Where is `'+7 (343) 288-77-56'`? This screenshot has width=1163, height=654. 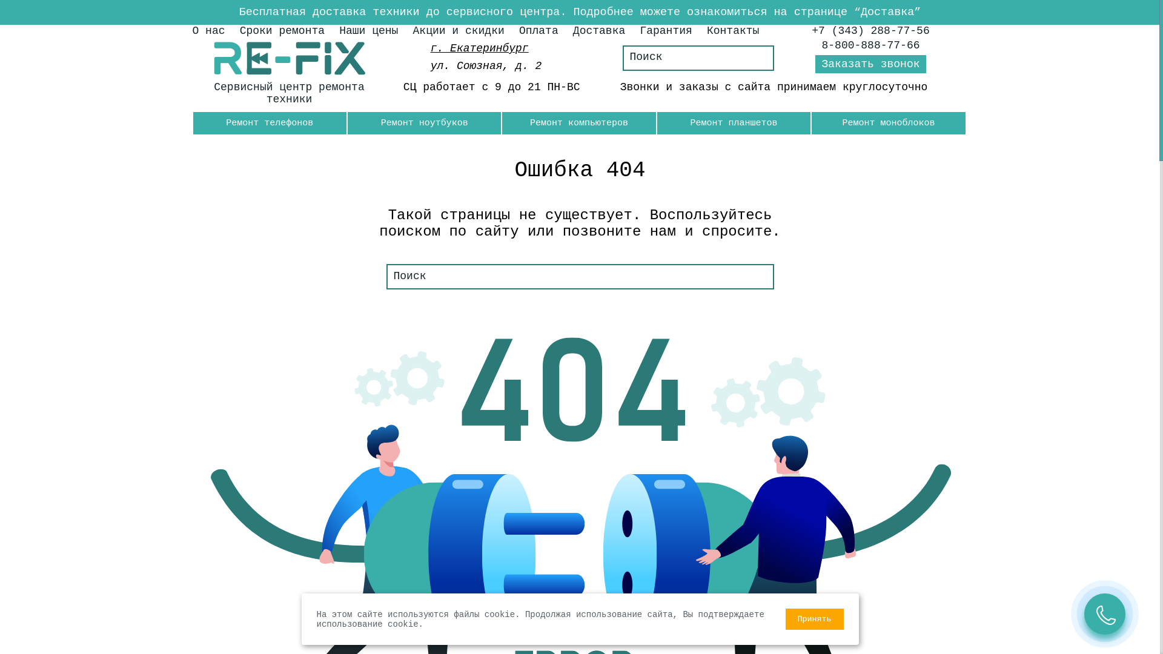 '+7 (343) 288-77-56' is located at coordinates (869, 30).